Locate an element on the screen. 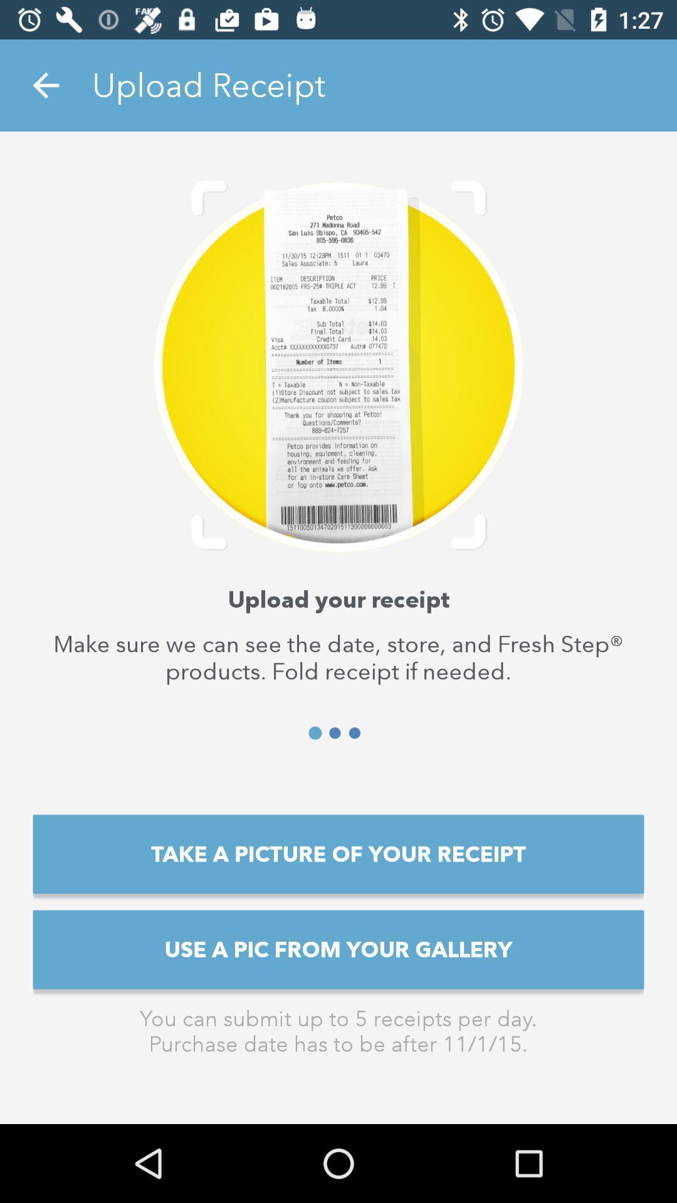  the item at the top left corner is located at coordinates (45, 85).